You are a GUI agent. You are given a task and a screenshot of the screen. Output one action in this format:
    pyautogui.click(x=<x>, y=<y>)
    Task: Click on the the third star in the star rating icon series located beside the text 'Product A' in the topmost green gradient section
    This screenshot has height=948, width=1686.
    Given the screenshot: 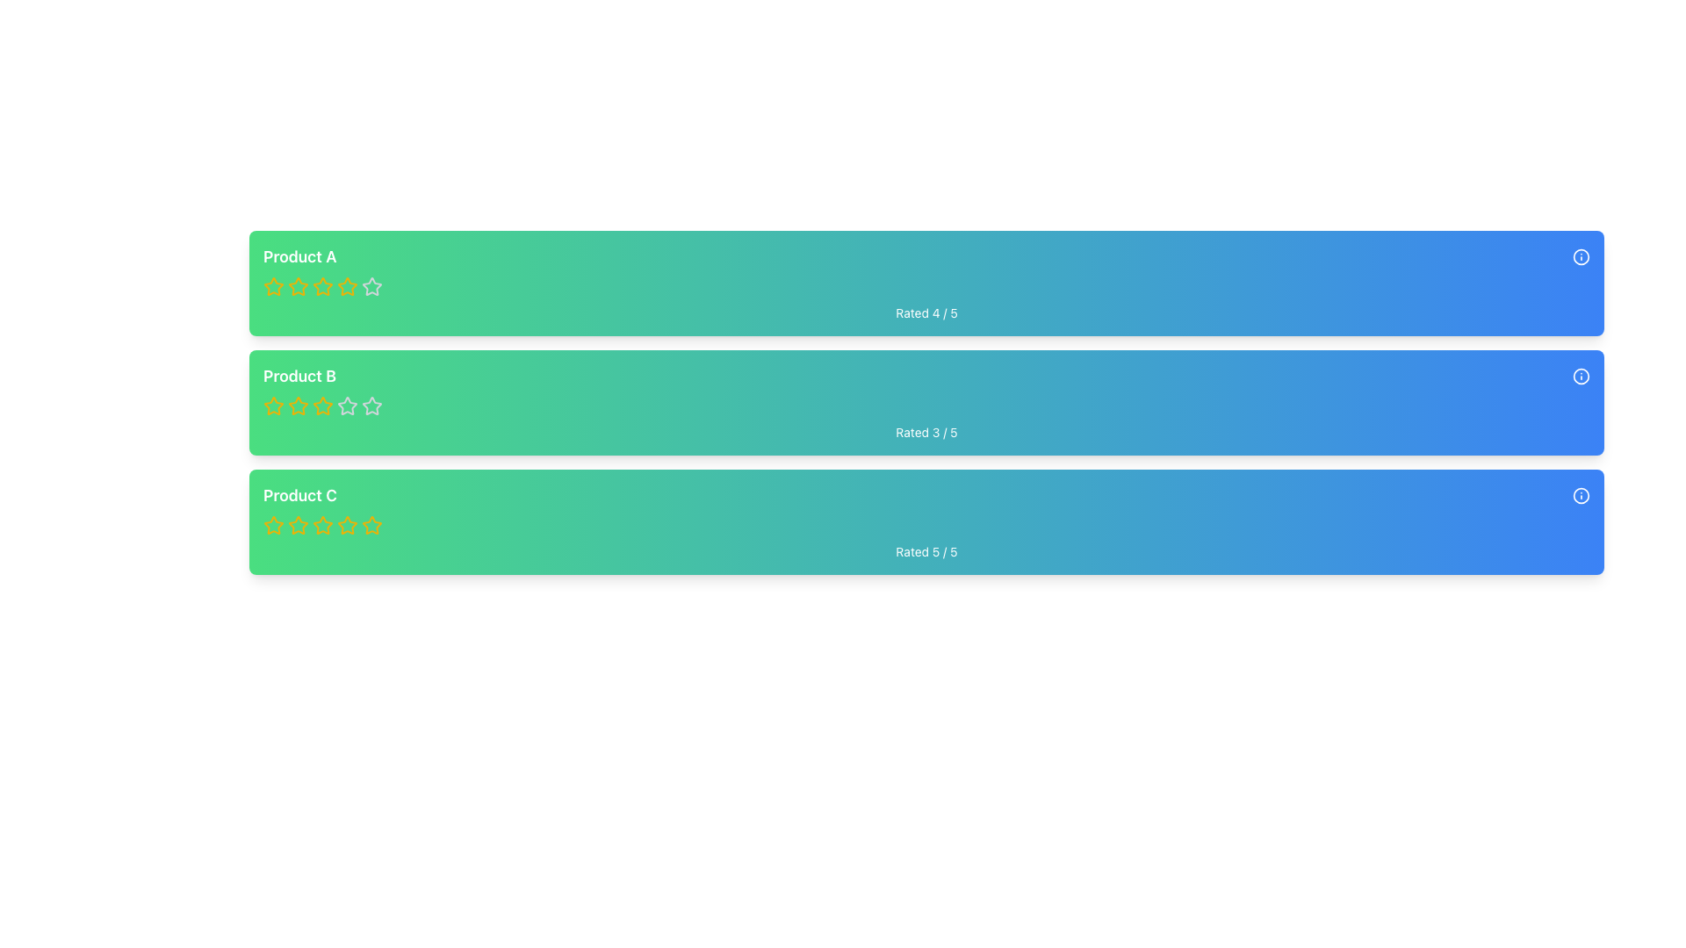 What is the action you would take?
    pyautogui.click(x=299, y=286)
    